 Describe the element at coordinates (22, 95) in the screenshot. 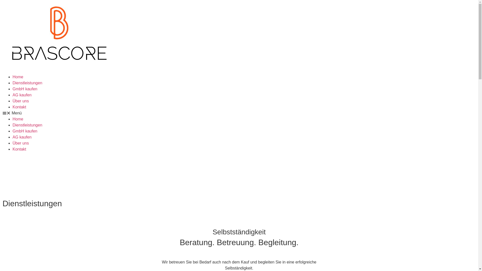

I see `'AG kaufen'` at that location.